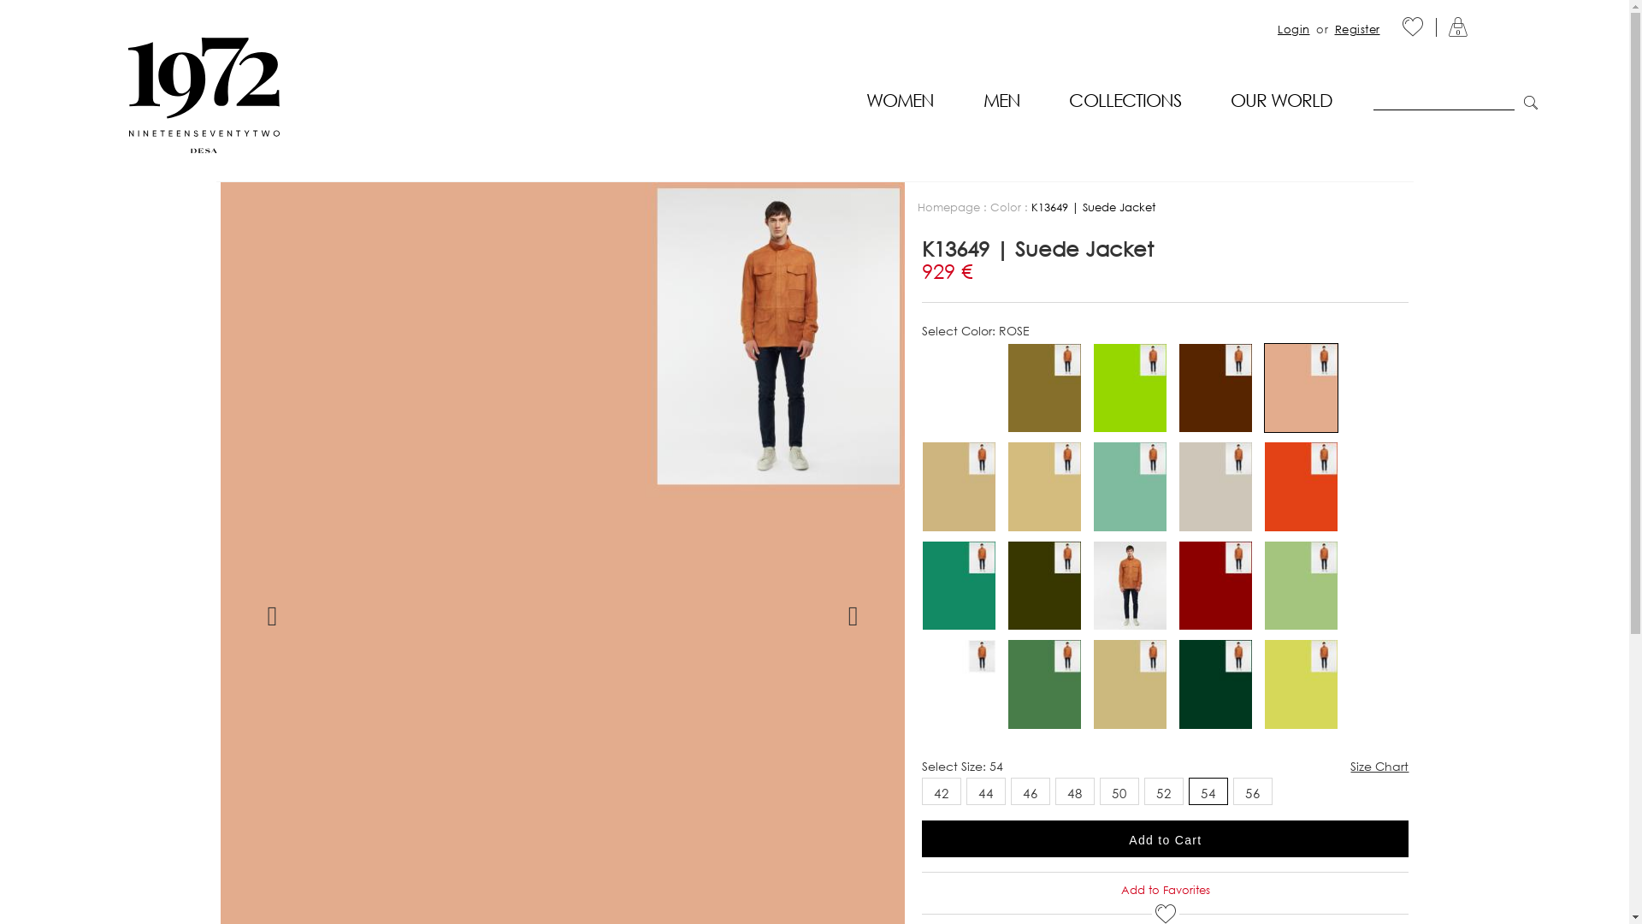  I want to click on '52', so click(1144, 791).